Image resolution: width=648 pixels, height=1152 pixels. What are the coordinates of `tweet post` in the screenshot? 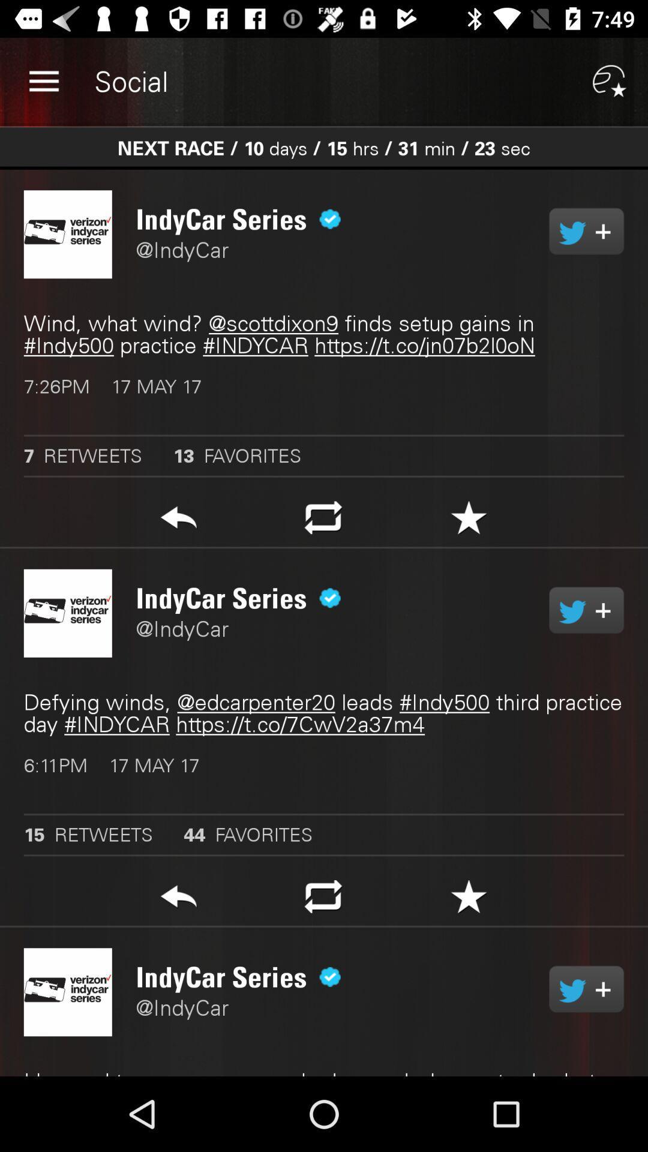 It's located at (586, 231).